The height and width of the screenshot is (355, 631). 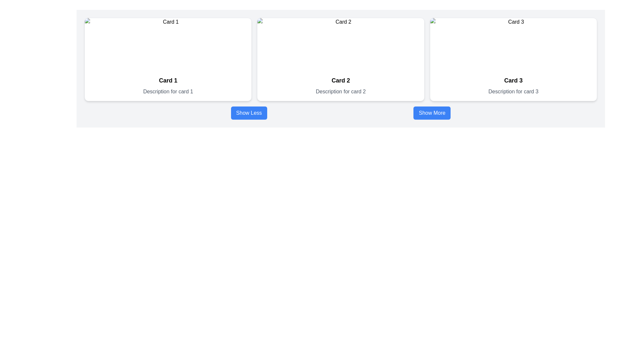 What do you see at coordinates (168, 59) in the screenshot?
I see `the title 'Card 1' on the first card in the grid layout` at bounding box center [168, 59].